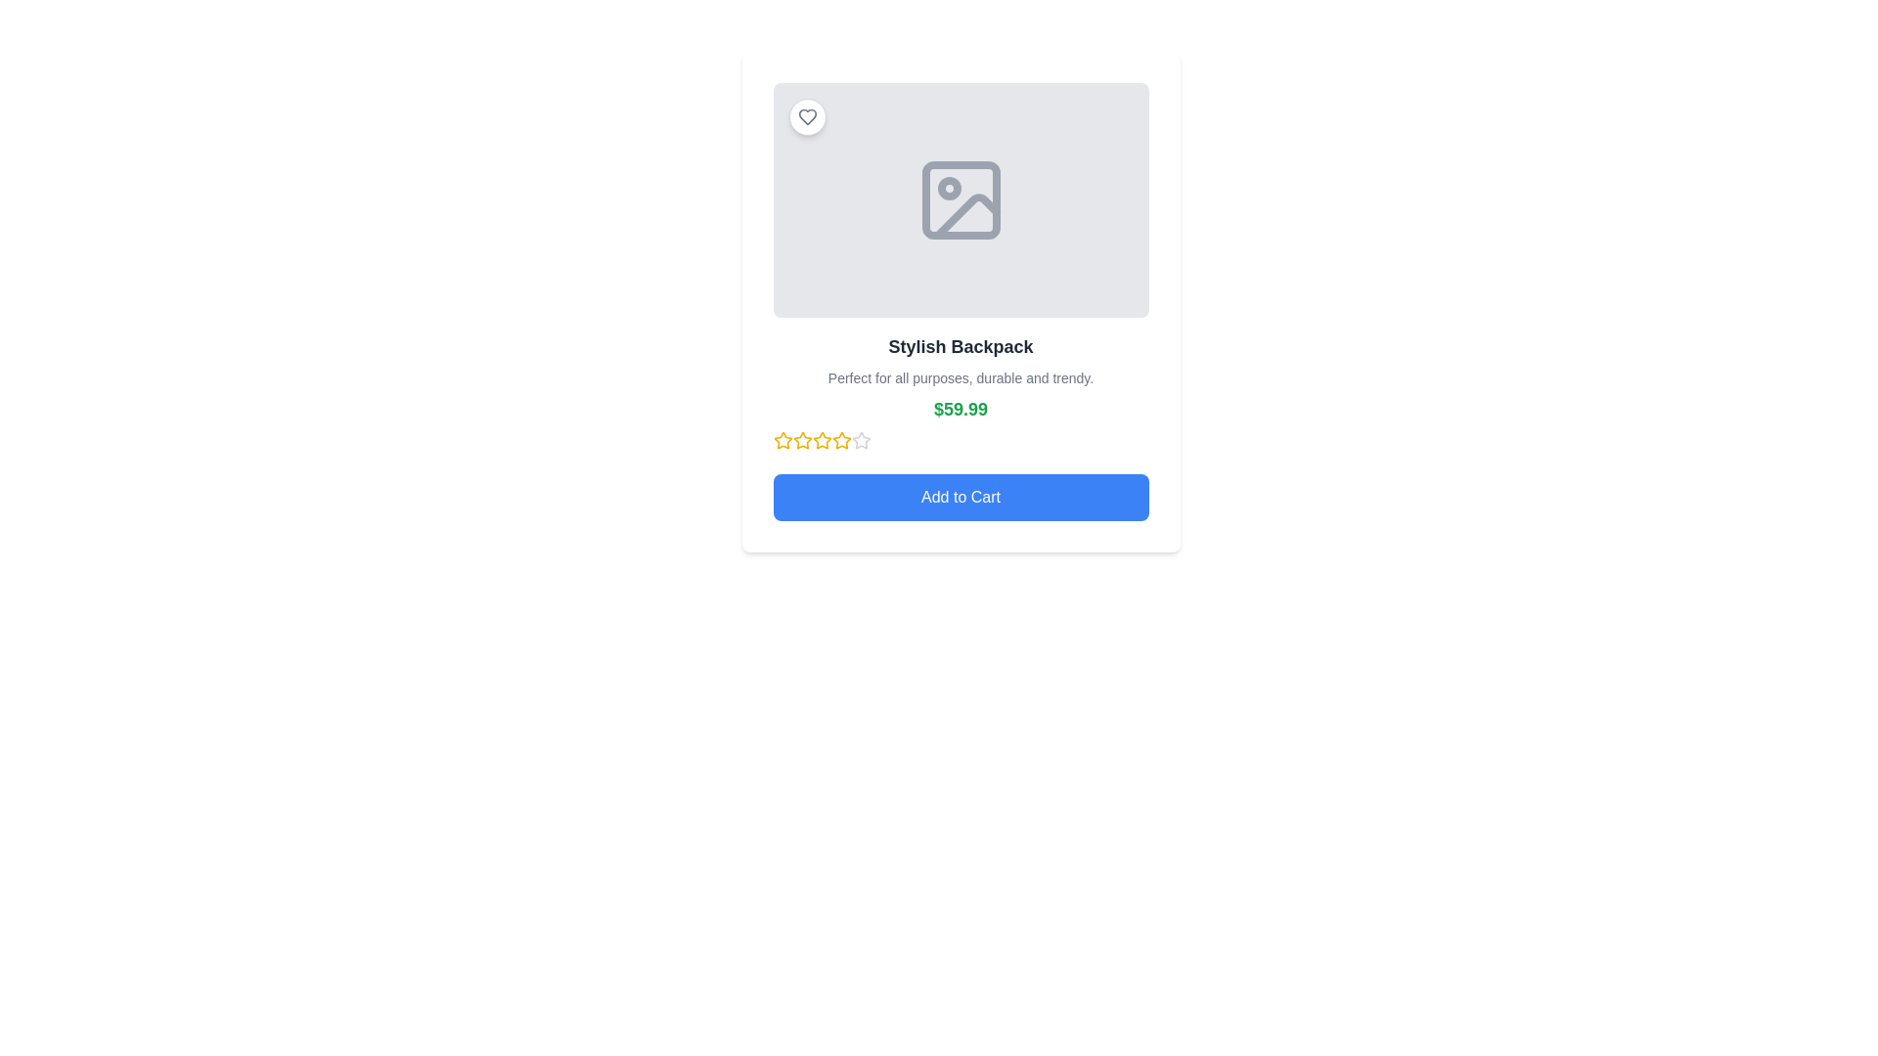 This screenshot has width=1878, height=1056. I want to click on the non-interactive decorative dot located within the image placeholder icon above the title 'Stylish Backpack', so click(949, 188).